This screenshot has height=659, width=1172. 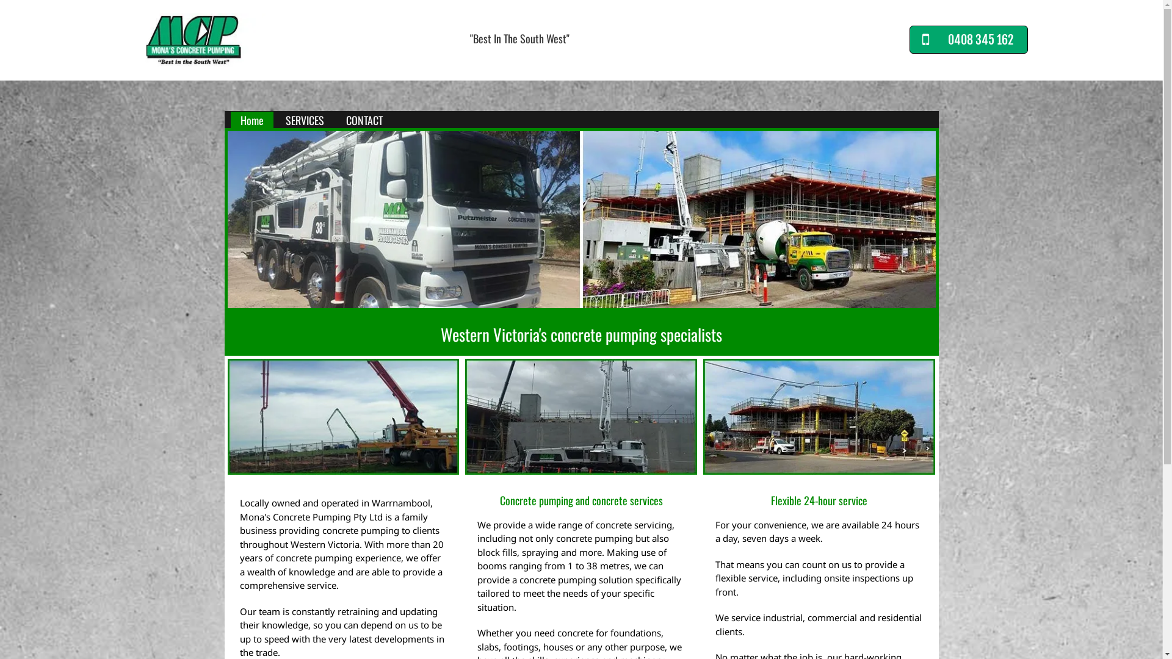 What do you see at coordinates (251, 120) in the screenshot?
I see `'Home'` at bounding box center [251, 120].